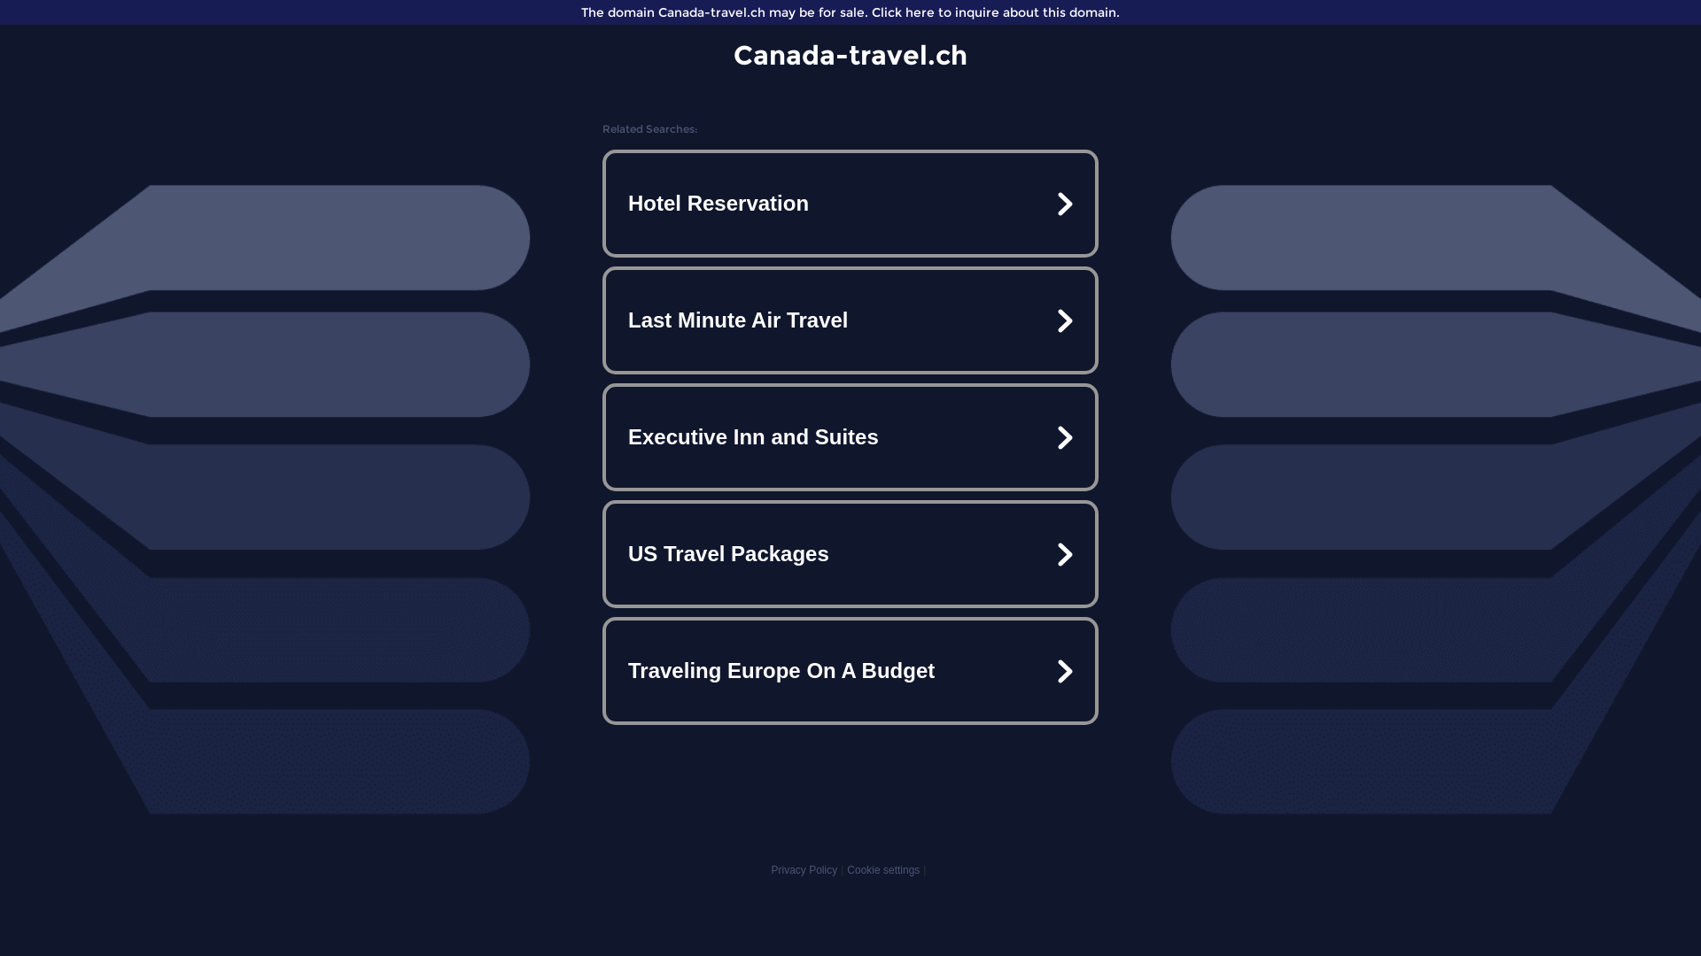 The width and height of the screenshot is (1701, 956). I want to click on 'Traveling Europe On A Budget', so click(850, 671).